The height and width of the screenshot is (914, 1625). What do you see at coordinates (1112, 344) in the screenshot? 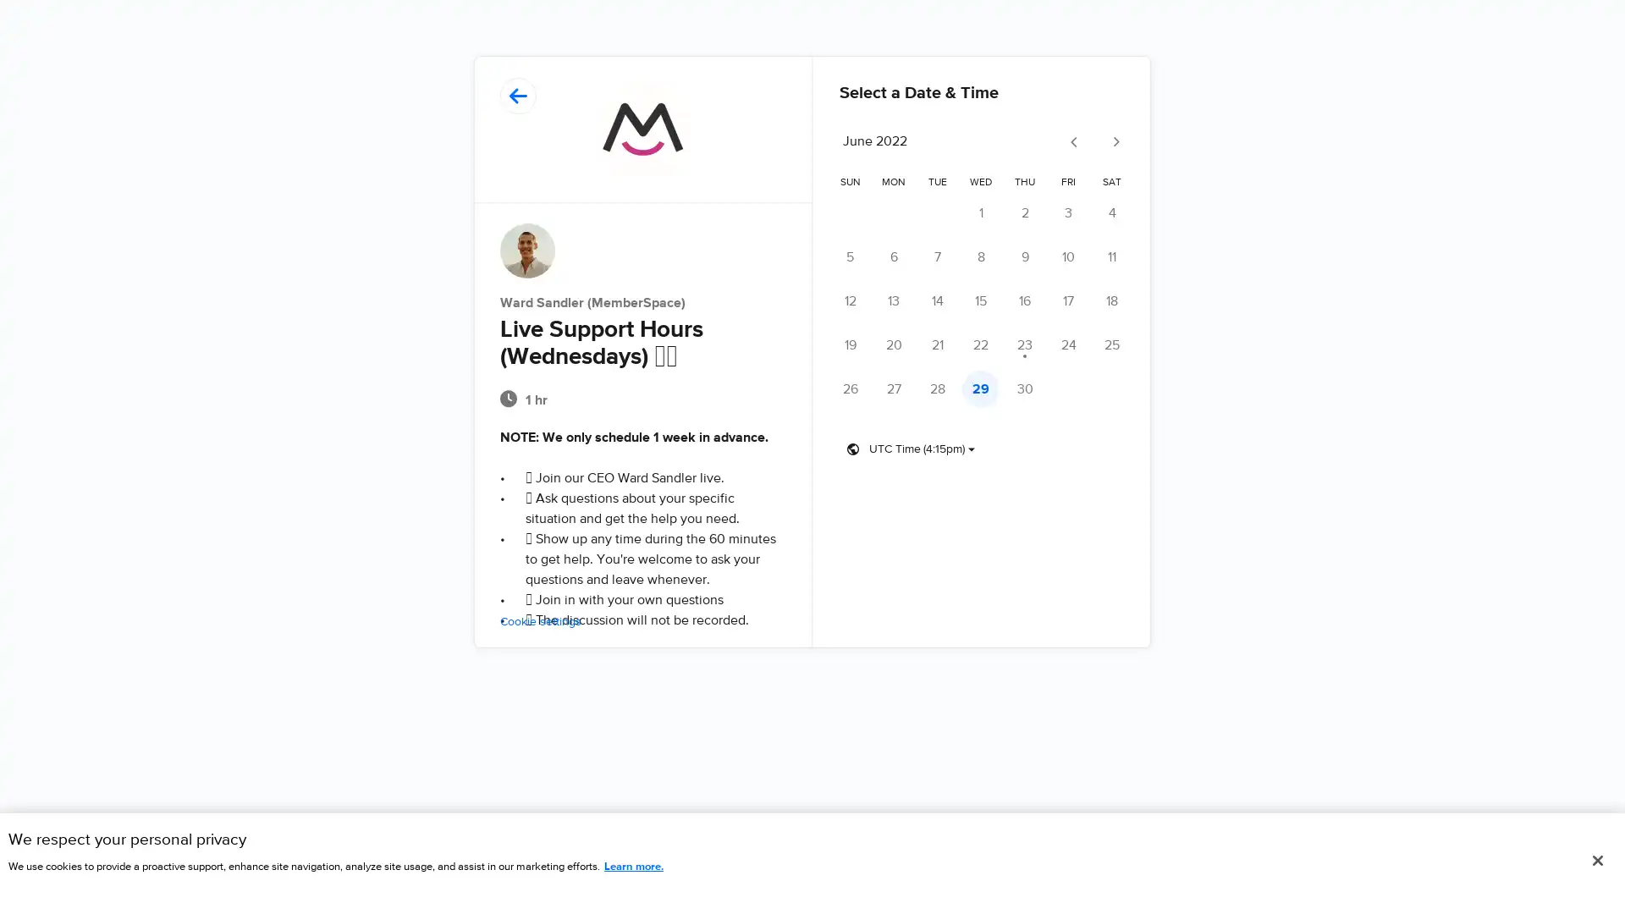
I see `Saturday, June 25 - No times available` at bounding box center [1112, 344].